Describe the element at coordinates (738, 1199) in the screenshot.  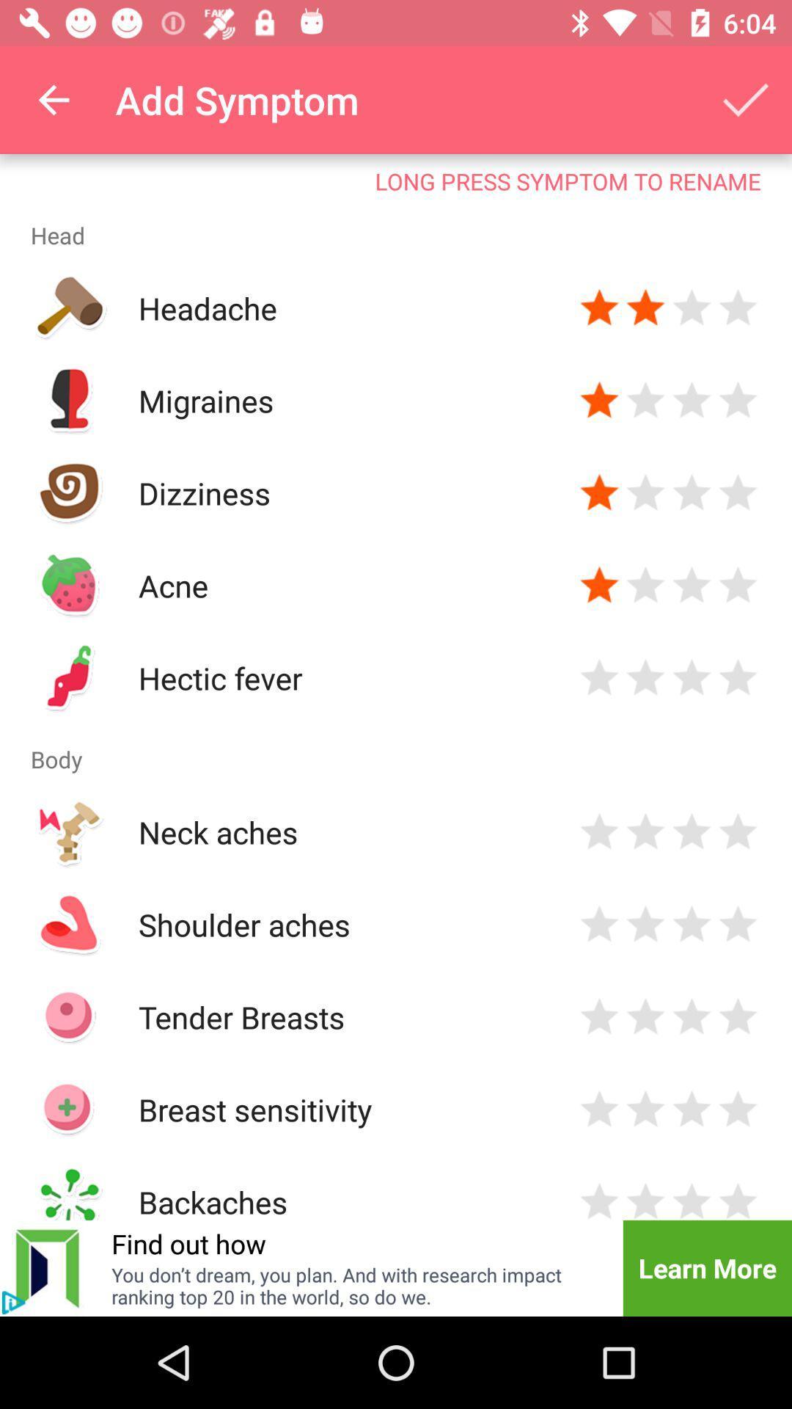
I see `rate severity of symptom` at that location.